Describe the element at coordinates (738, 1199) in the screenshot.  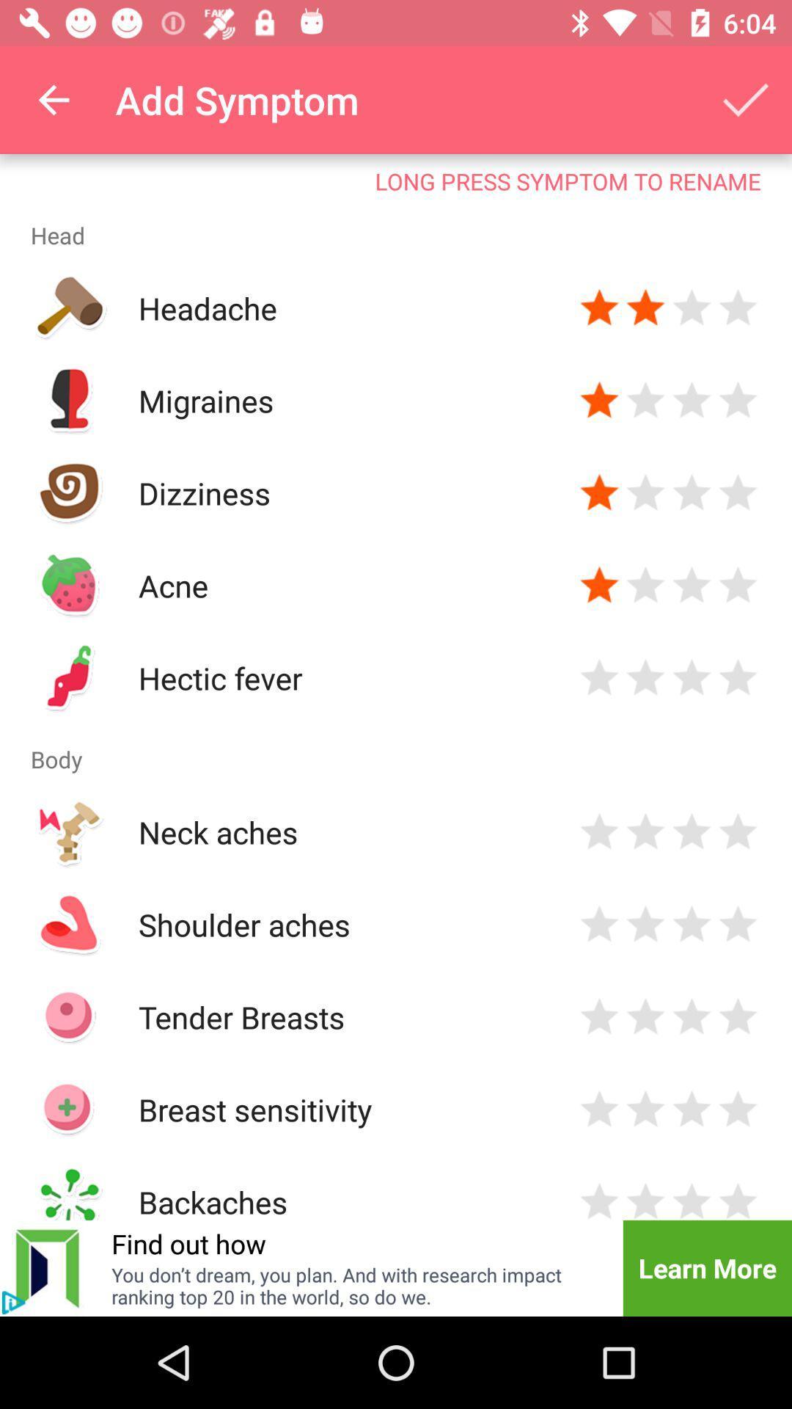
I see `rate severity of symptom` at that location.